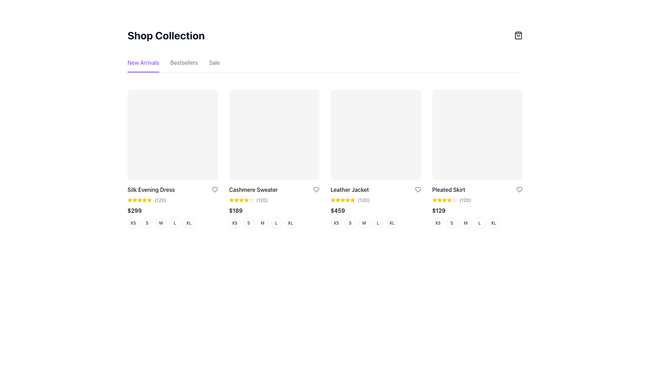 This screenshot has width=669, height=376. What do you see at coordinates (434, 200) in the screenshot?
I see `the third star in the star rating icon for the 'Pleated Skirt' item to indicate a rating` at bounding box center [434, 200].